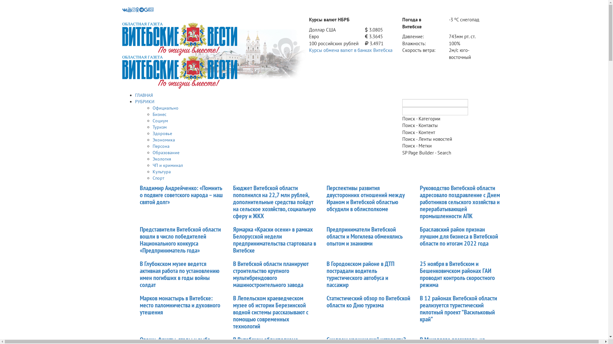 The height and width of the screenshot is (344, 613). I want to click on 'Youtube', so click(127, 10).